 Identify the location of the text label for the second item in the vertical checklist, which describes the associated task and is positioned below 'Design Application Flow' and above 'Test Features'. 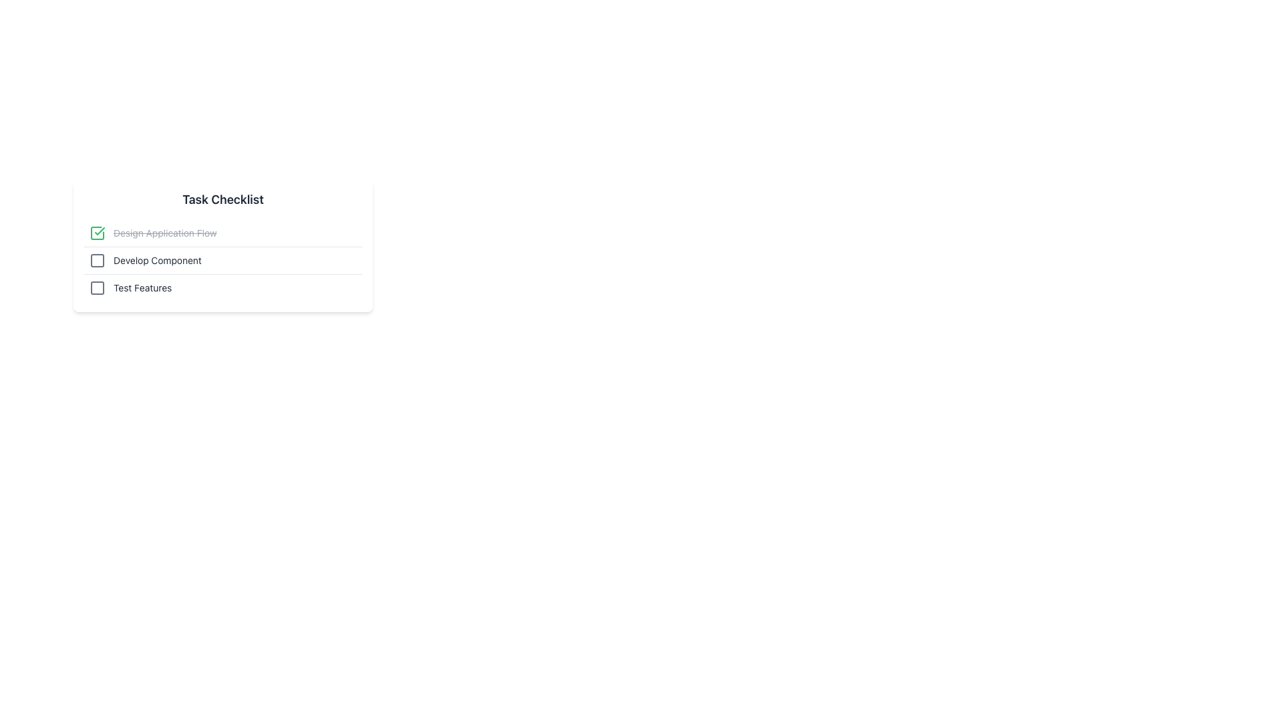
(157, 260).